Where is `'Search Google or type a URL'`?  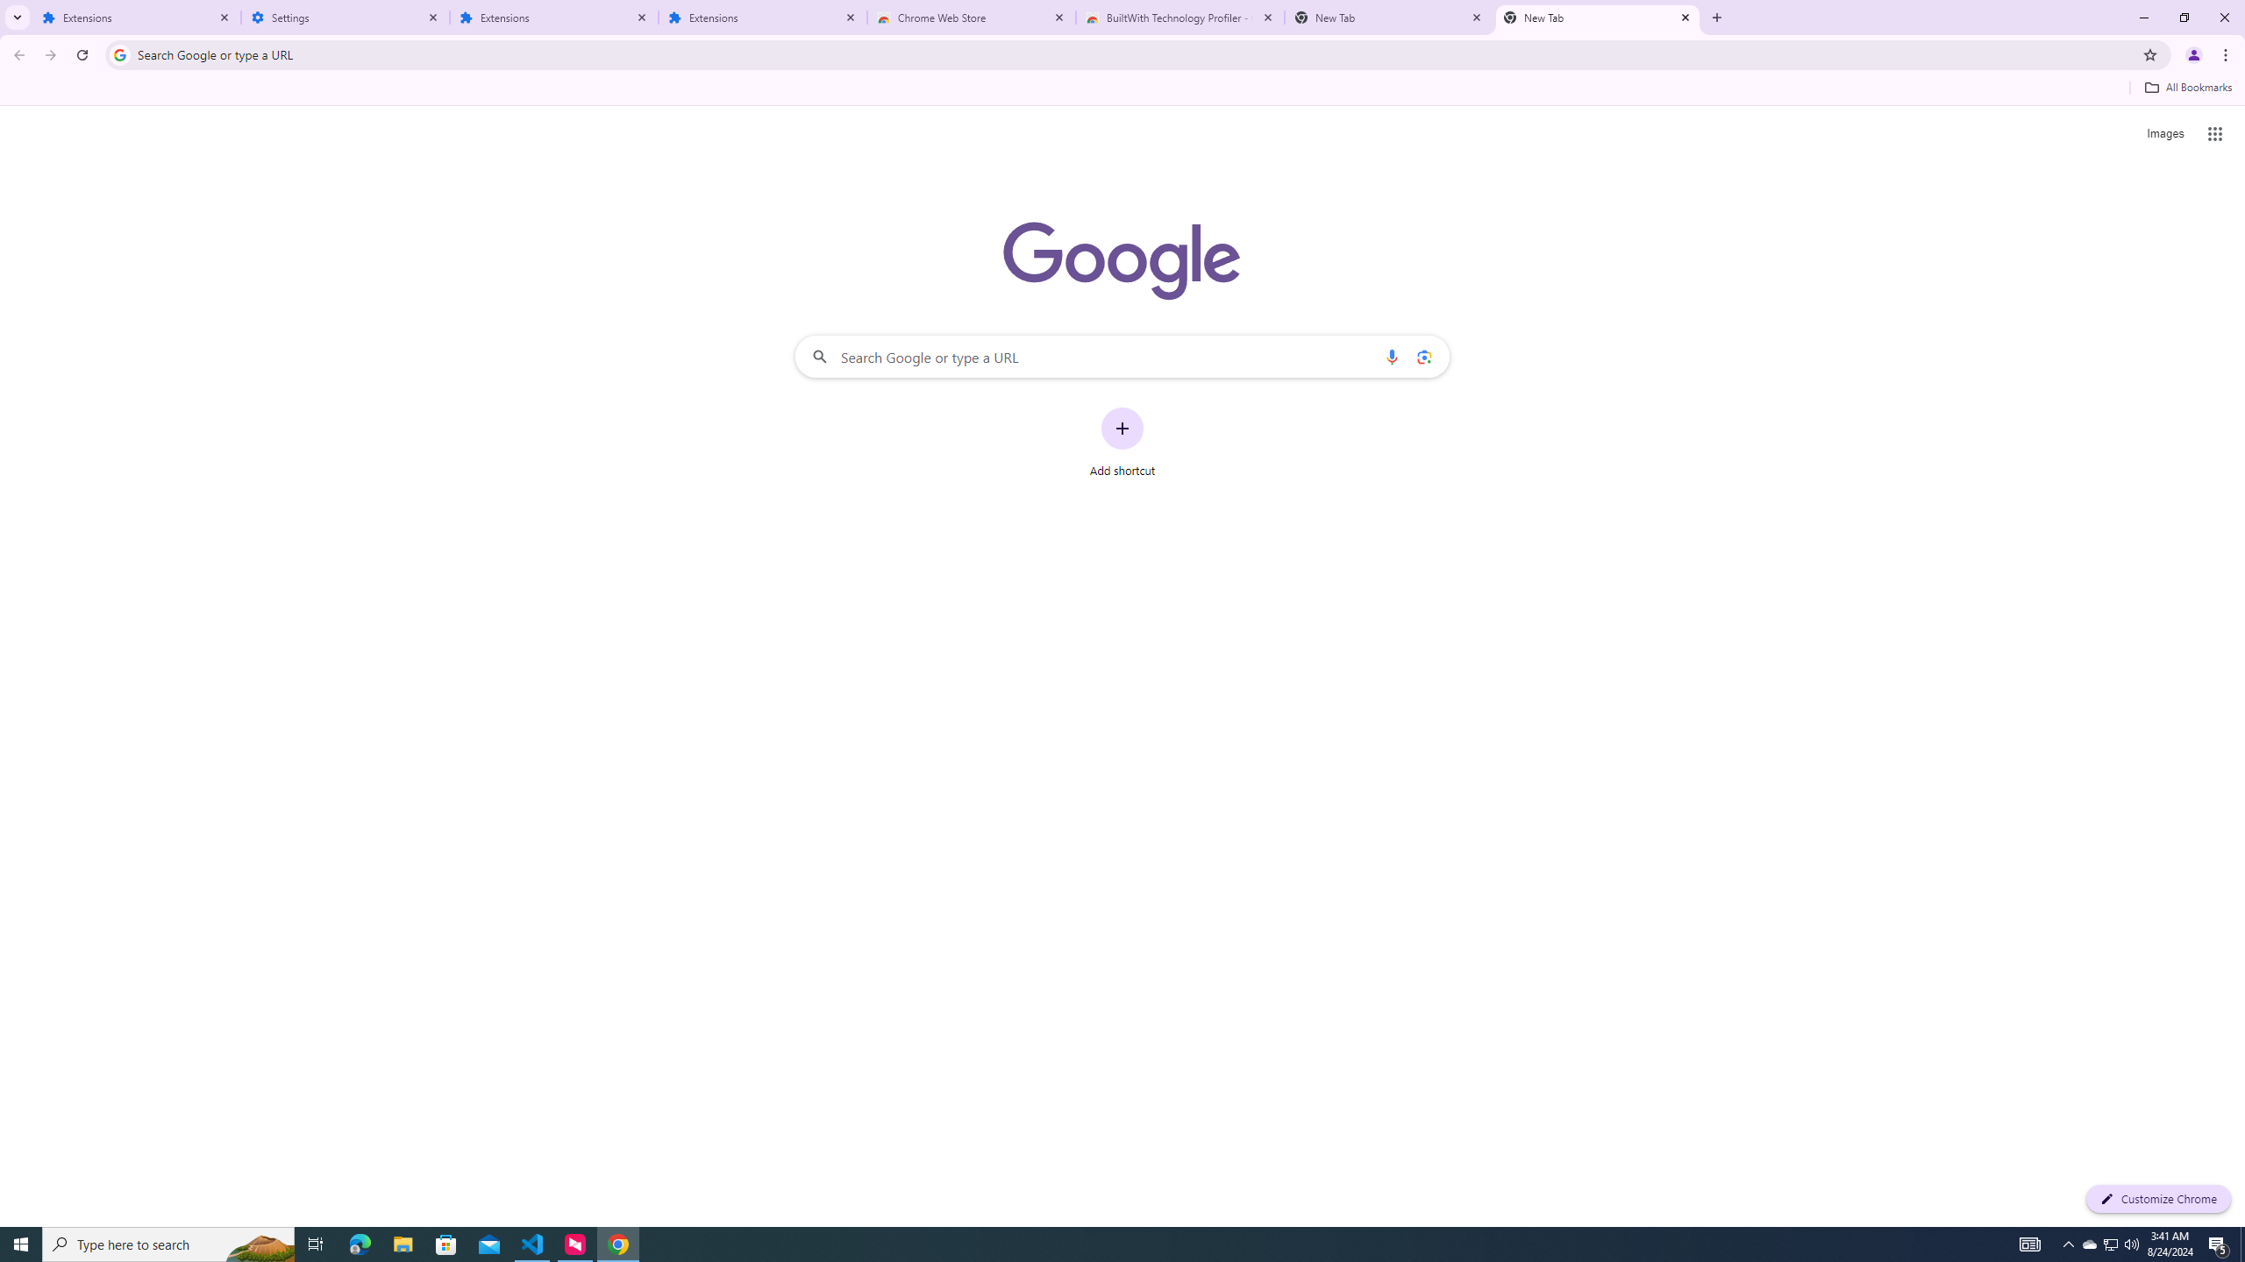
'Search Google or type a URL' is located at coordinates (1122, 355).